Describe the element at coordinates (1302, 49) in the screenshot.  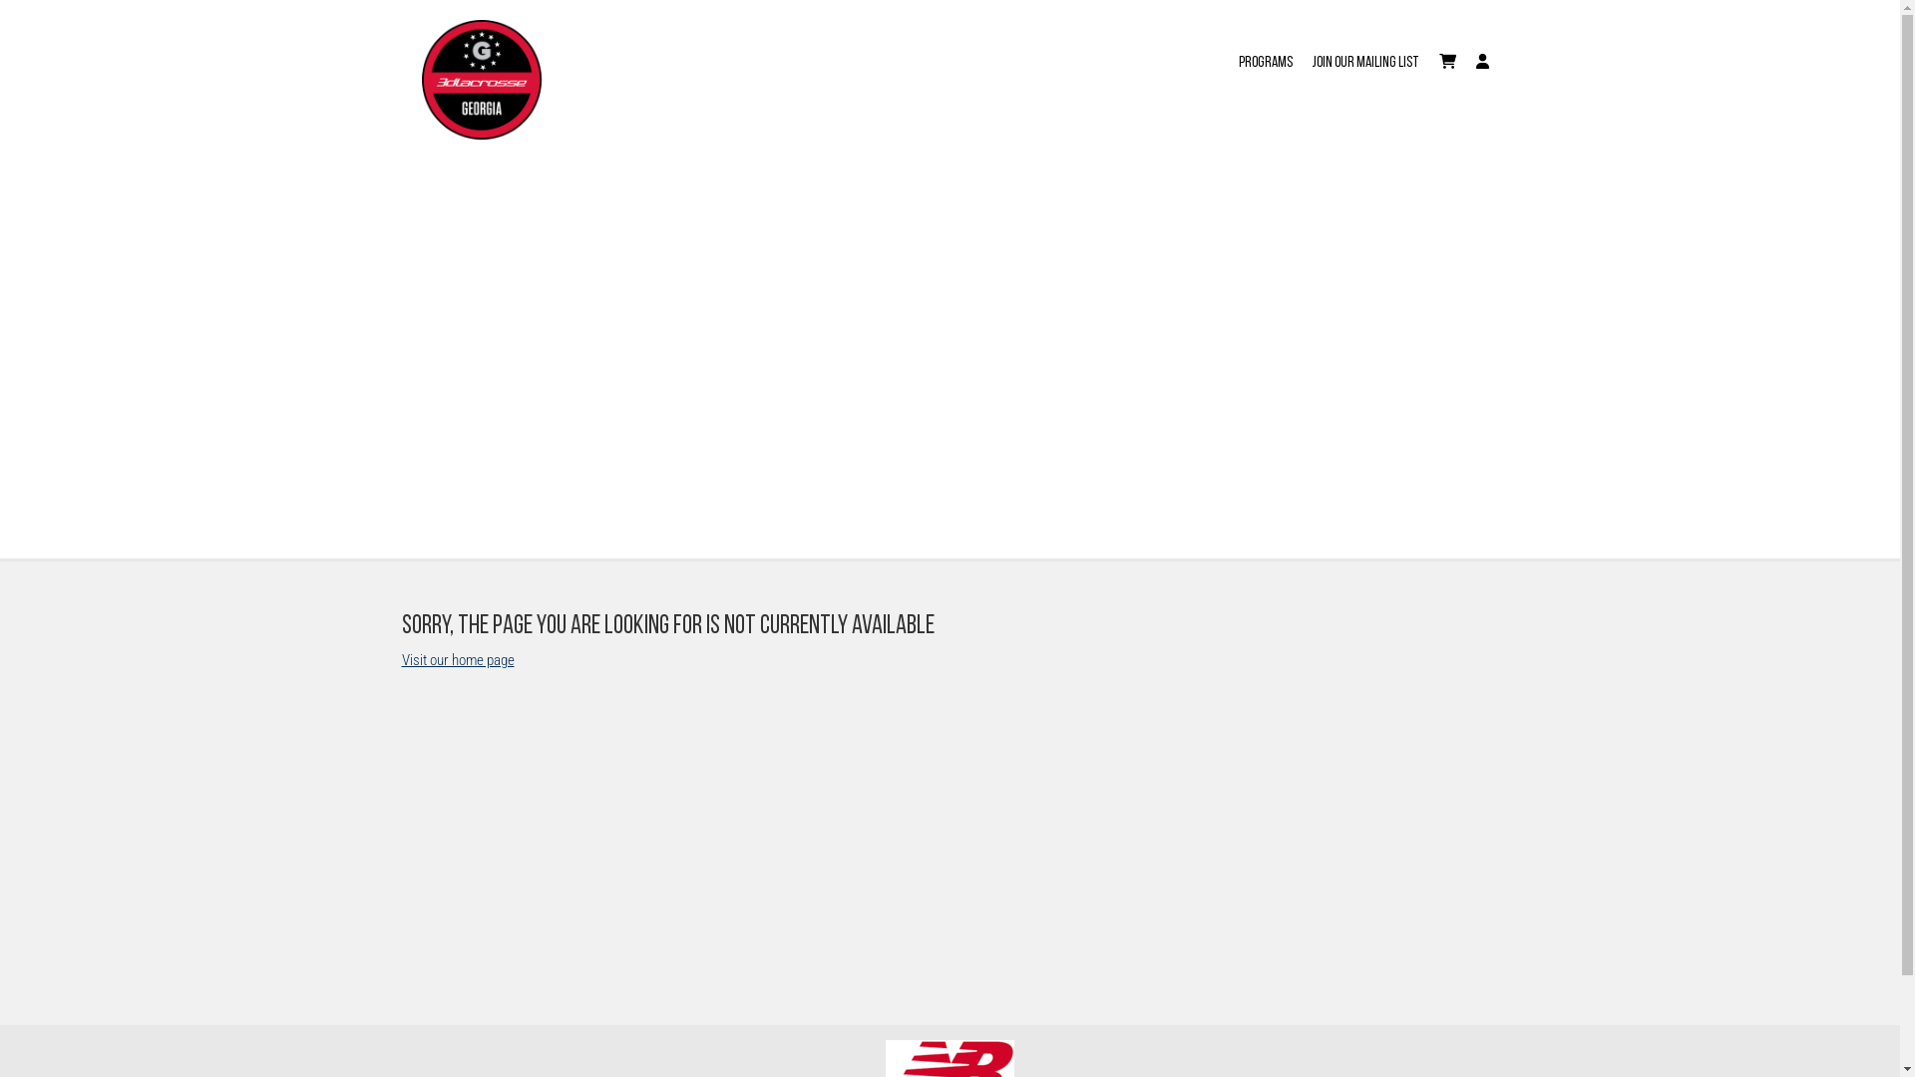
I see `'JOIN OUR MAILING LIST'` at that location.